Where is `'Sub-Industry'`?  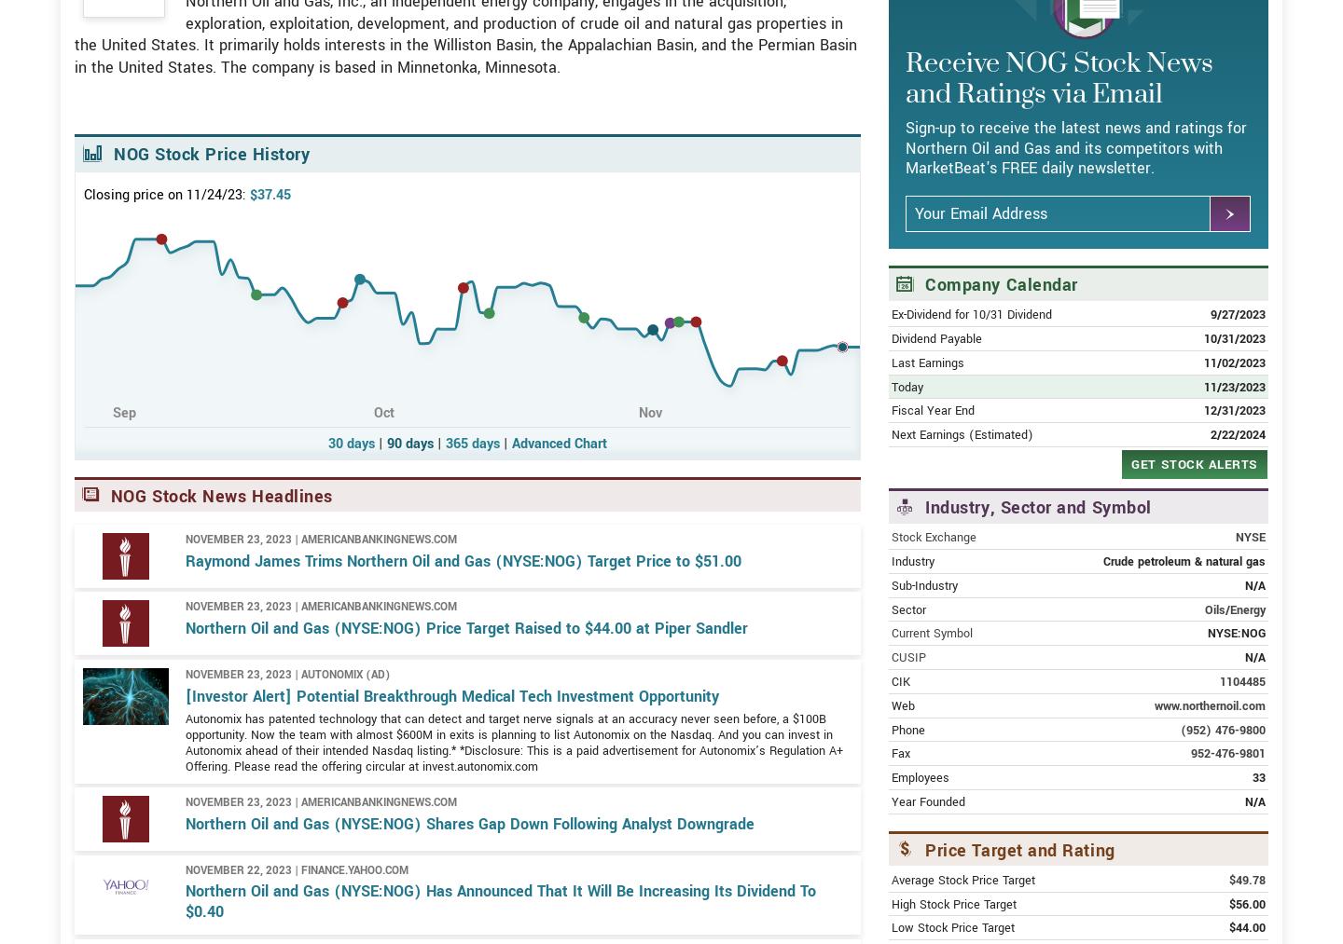 'Sub-Industry' is located at coordinates (892, 650).